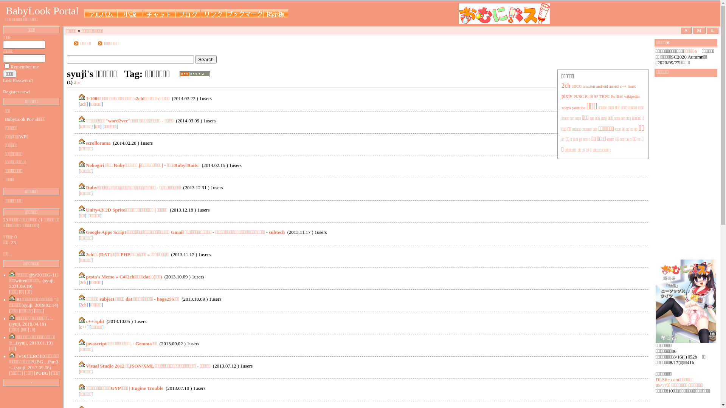 Image resolution: width=726 pixels, height=408 pixels. What do you see at coordinates (686, 30) in the screenshot?
I see `'S'` at bounding box center [686, 30].